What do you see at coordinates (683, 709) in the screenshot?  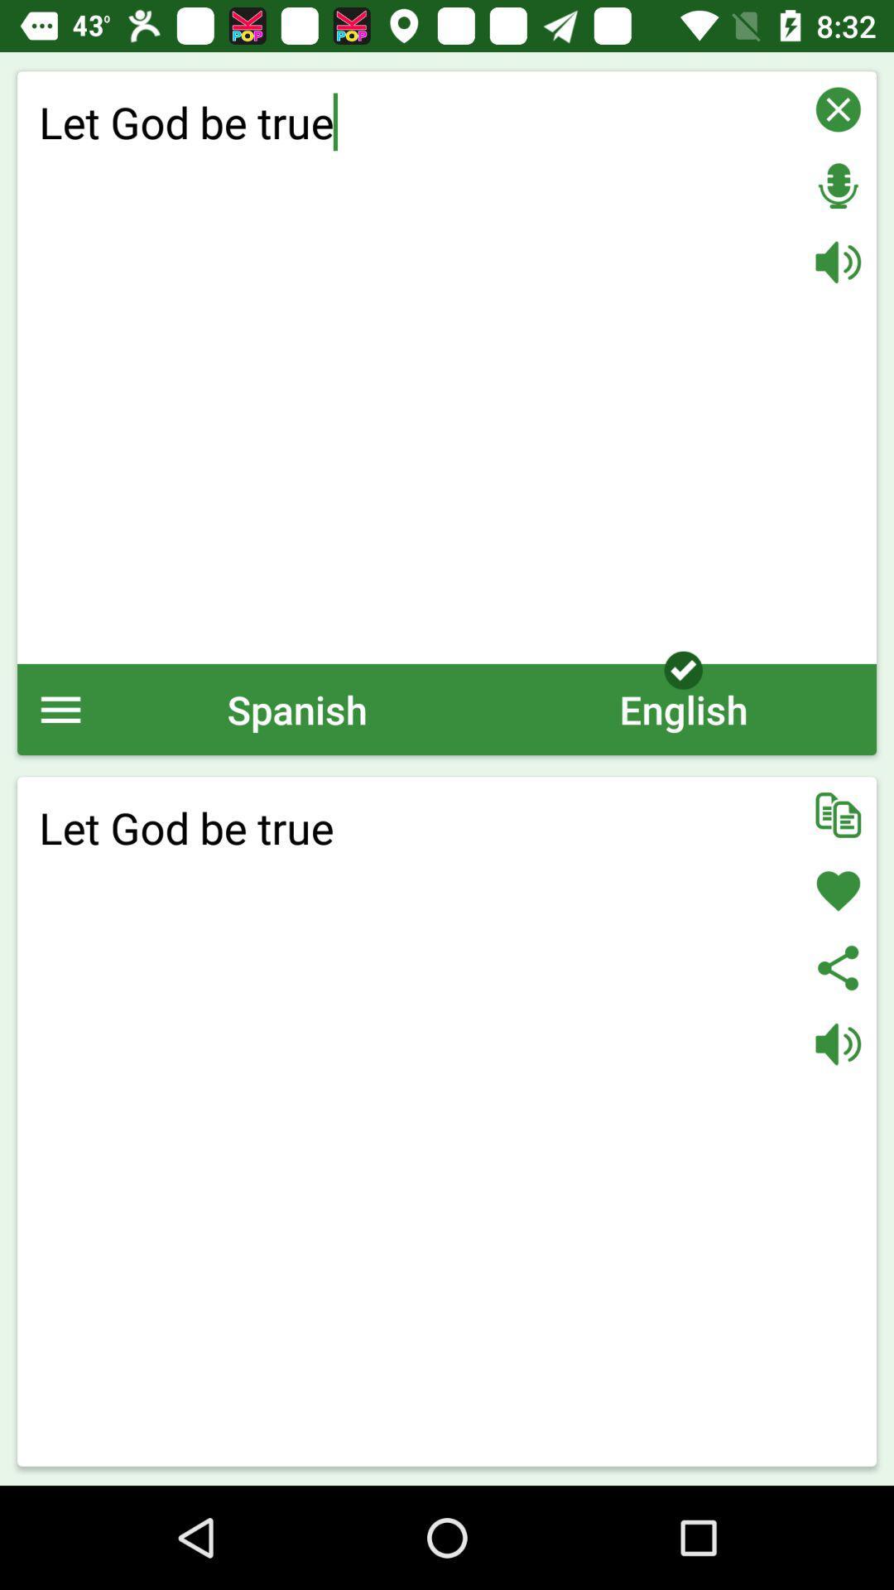 I see `the icon above the let god be` at bounding box center [683, 709].